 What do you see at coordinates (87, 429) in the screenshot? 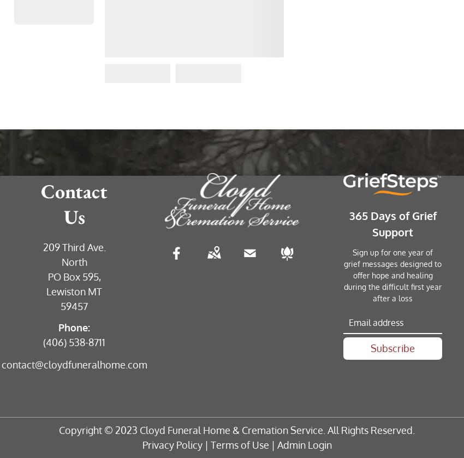
I see `'Copyright ©'` at bounding box center [87, 429].